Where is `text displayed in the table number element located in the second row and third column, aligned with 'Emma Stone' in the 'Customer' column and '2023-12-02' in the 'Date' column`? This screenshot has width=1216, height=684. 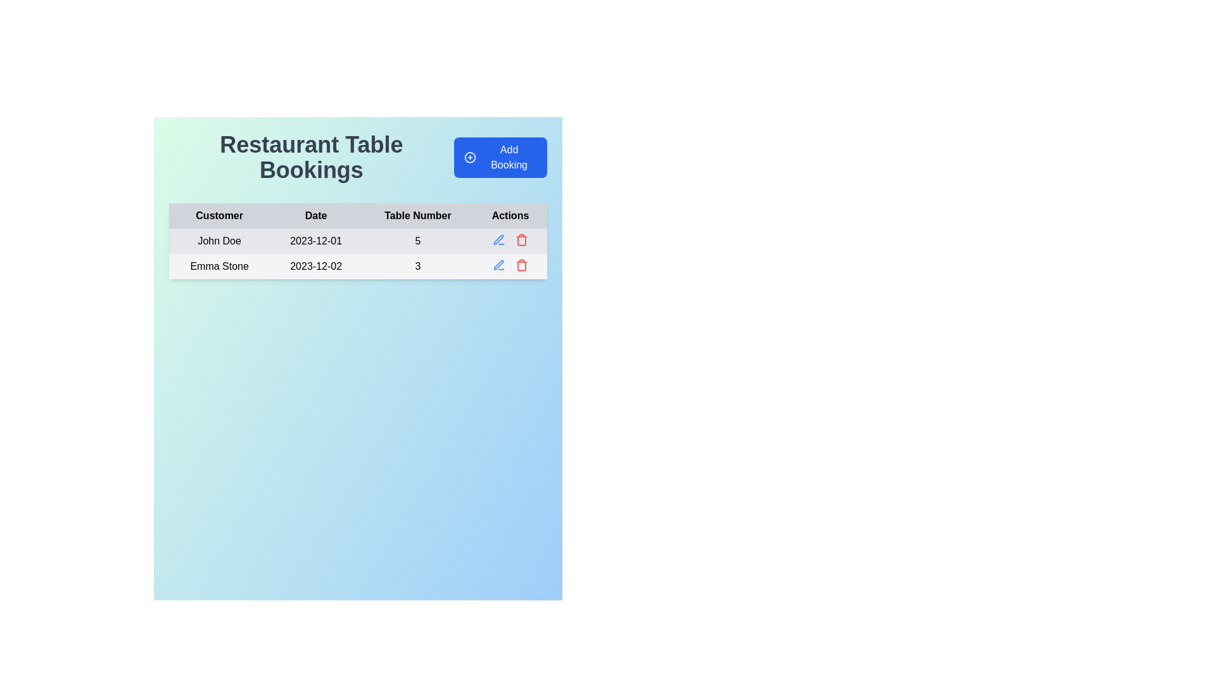
text displayed in the table number element located in the second row and third column, aligned with 'Emma Stone' in the 'Customer' column and '2023-12-02' in the 'Date' column is located at coordinates (417, 265).